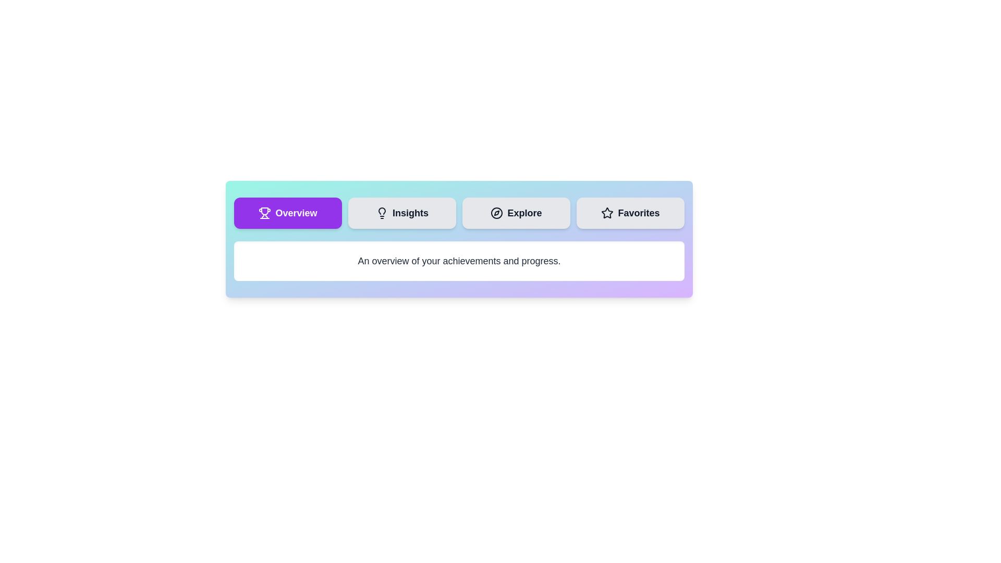 The height and width of the screenshot is (563, 1001). What do you see at coordinates (401, 212) in the screenshot?
I see `the Insights tab to view its content` at bounding box center [401, 212].